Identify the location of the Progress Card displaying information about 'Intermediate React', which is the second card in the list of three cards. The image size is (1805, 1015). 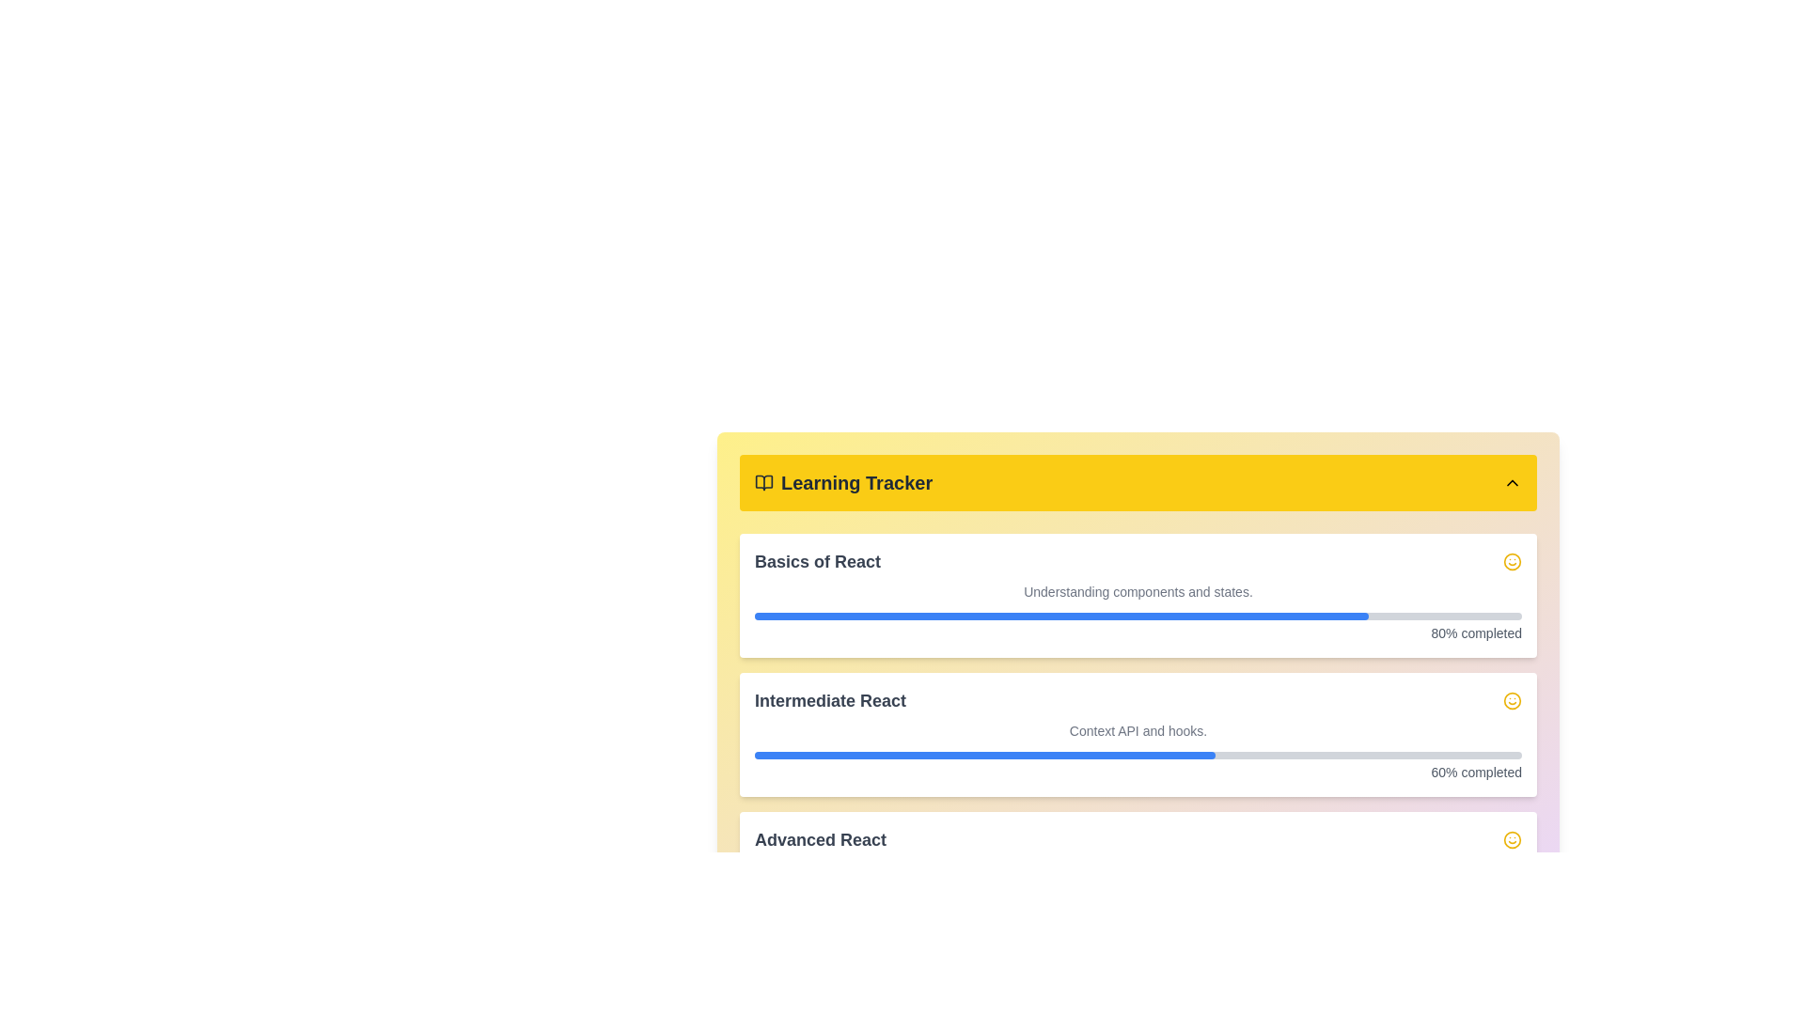
(1137, 734).